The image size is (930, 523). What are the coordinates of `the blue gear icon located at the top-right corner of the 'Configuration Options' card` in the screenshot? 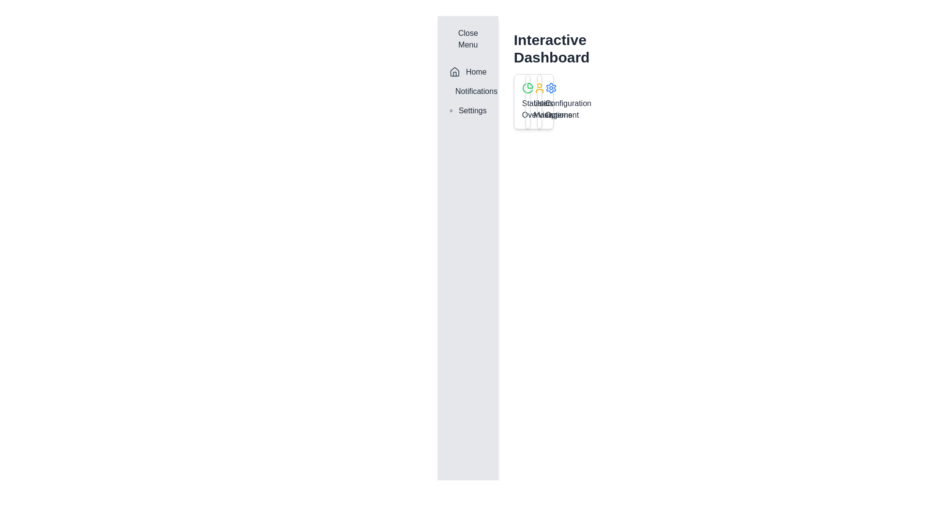 It's located at (551, 88).